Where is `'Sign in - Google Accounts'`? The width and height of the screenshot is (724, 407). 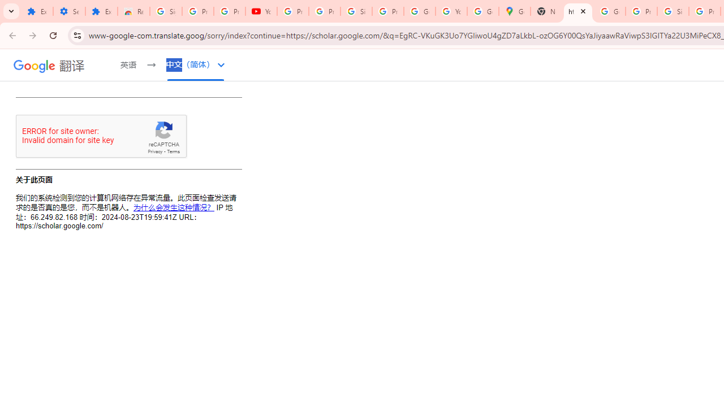 'Sign in - Google Accounts' is located at coordinates (673, 11).